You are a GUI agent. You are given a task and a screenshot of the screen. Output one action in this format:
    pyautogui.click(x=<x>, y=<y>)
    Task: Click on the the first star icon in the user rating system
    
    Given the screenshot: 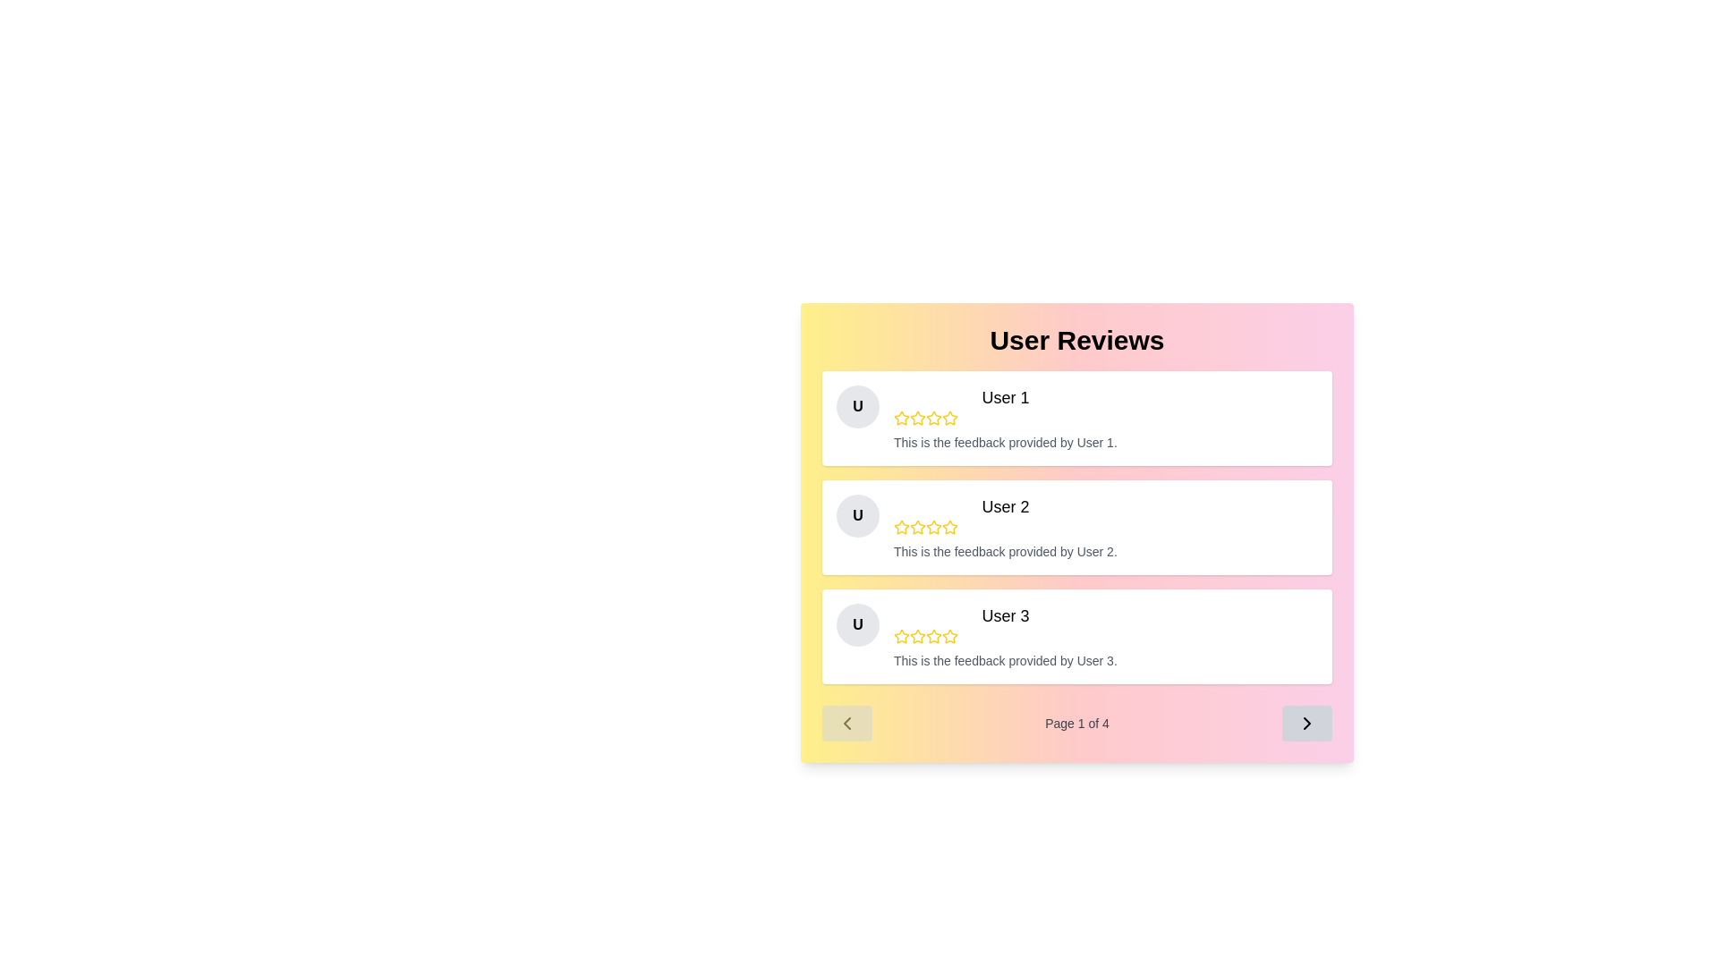 What is the action you would take?
    pyautogui.click(x=902, y=418)
    